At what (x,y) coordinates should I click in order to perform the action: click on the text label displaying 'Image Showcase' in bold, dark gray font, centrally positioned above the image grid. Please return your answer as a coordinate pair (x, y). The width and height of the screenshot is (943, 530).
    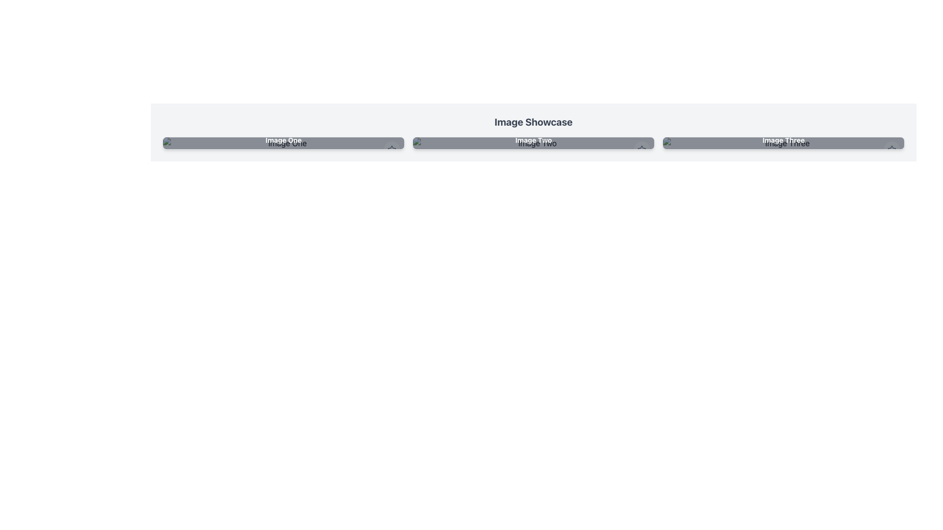
    Looking at the image, I should click on (533, 122).